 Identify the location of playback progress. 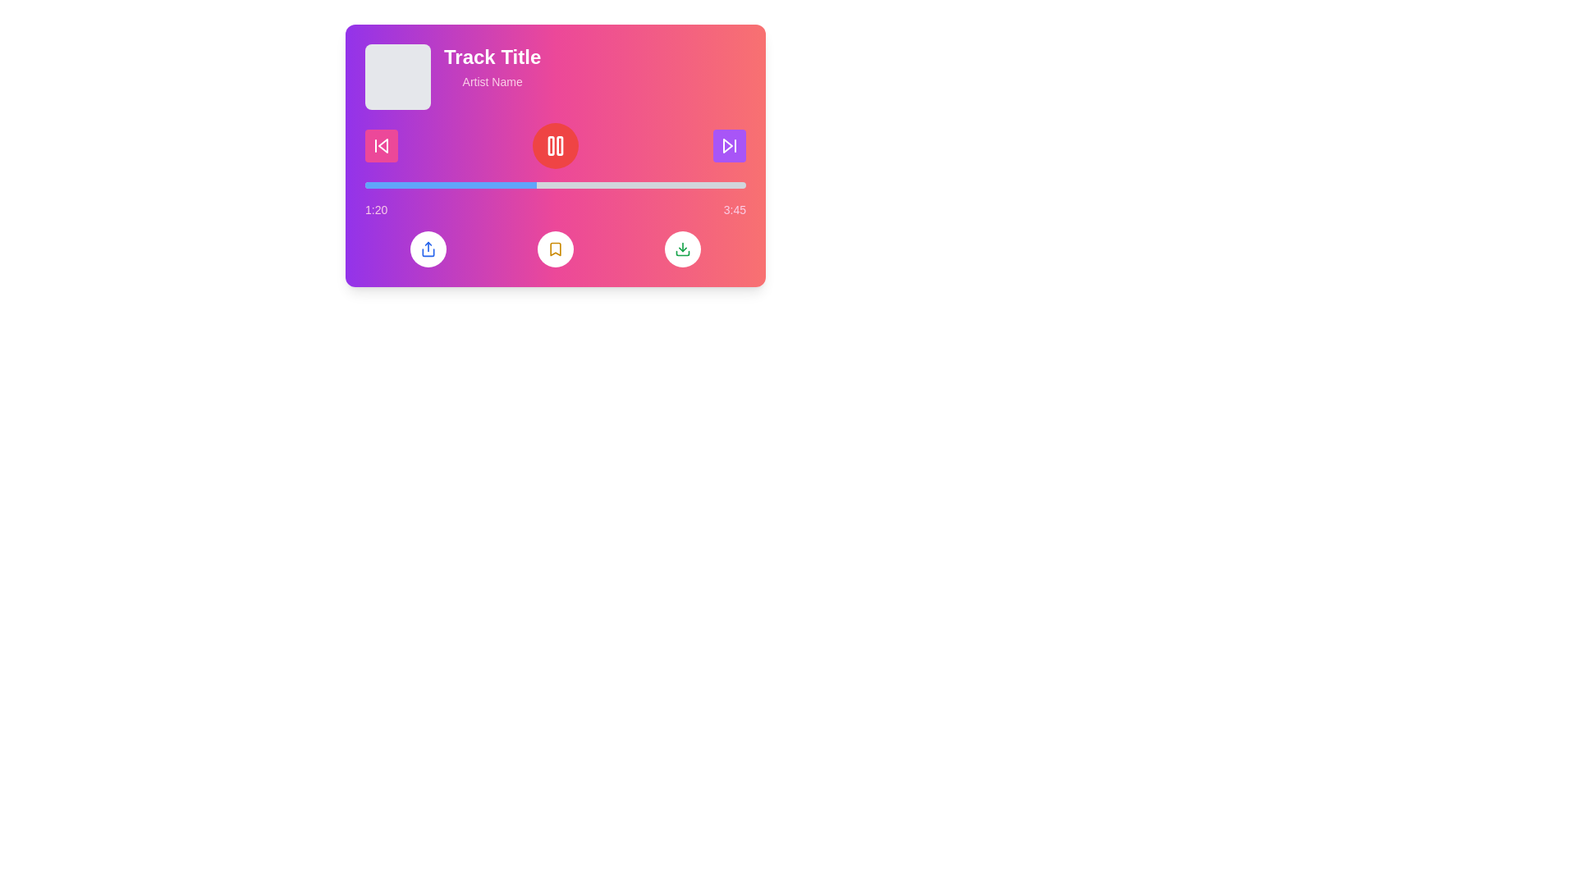
(421, 185).